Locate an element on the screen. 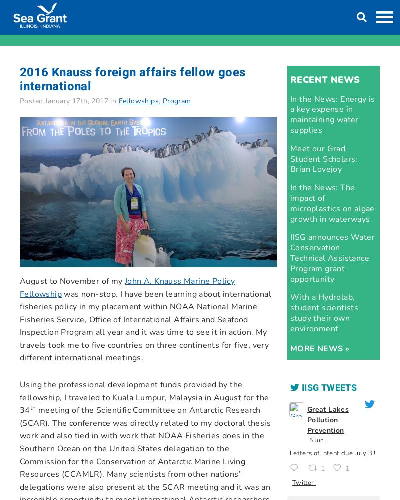 This screenshot has height=500, width=400. 'John A. Knauss Marine Policy Fellowship' is located at coordinates (127, 287).